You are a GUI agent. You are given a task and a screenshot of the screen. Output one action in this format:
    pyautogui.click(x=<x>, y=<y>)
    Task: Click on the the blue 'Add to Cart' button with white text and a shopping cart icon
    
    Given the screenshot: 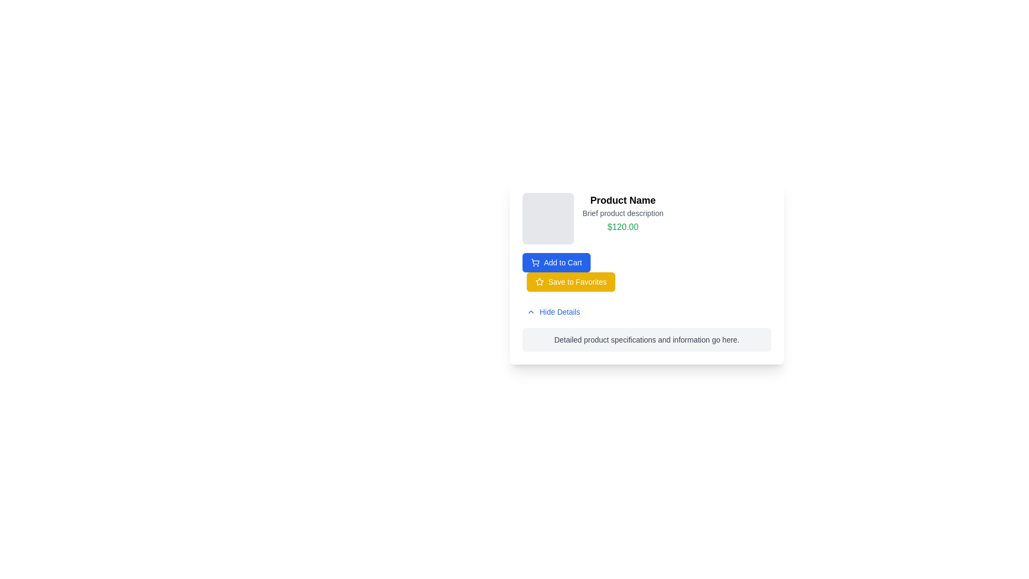 What is the action you would take?
    pyautogui.click(x=556, y=262)
    